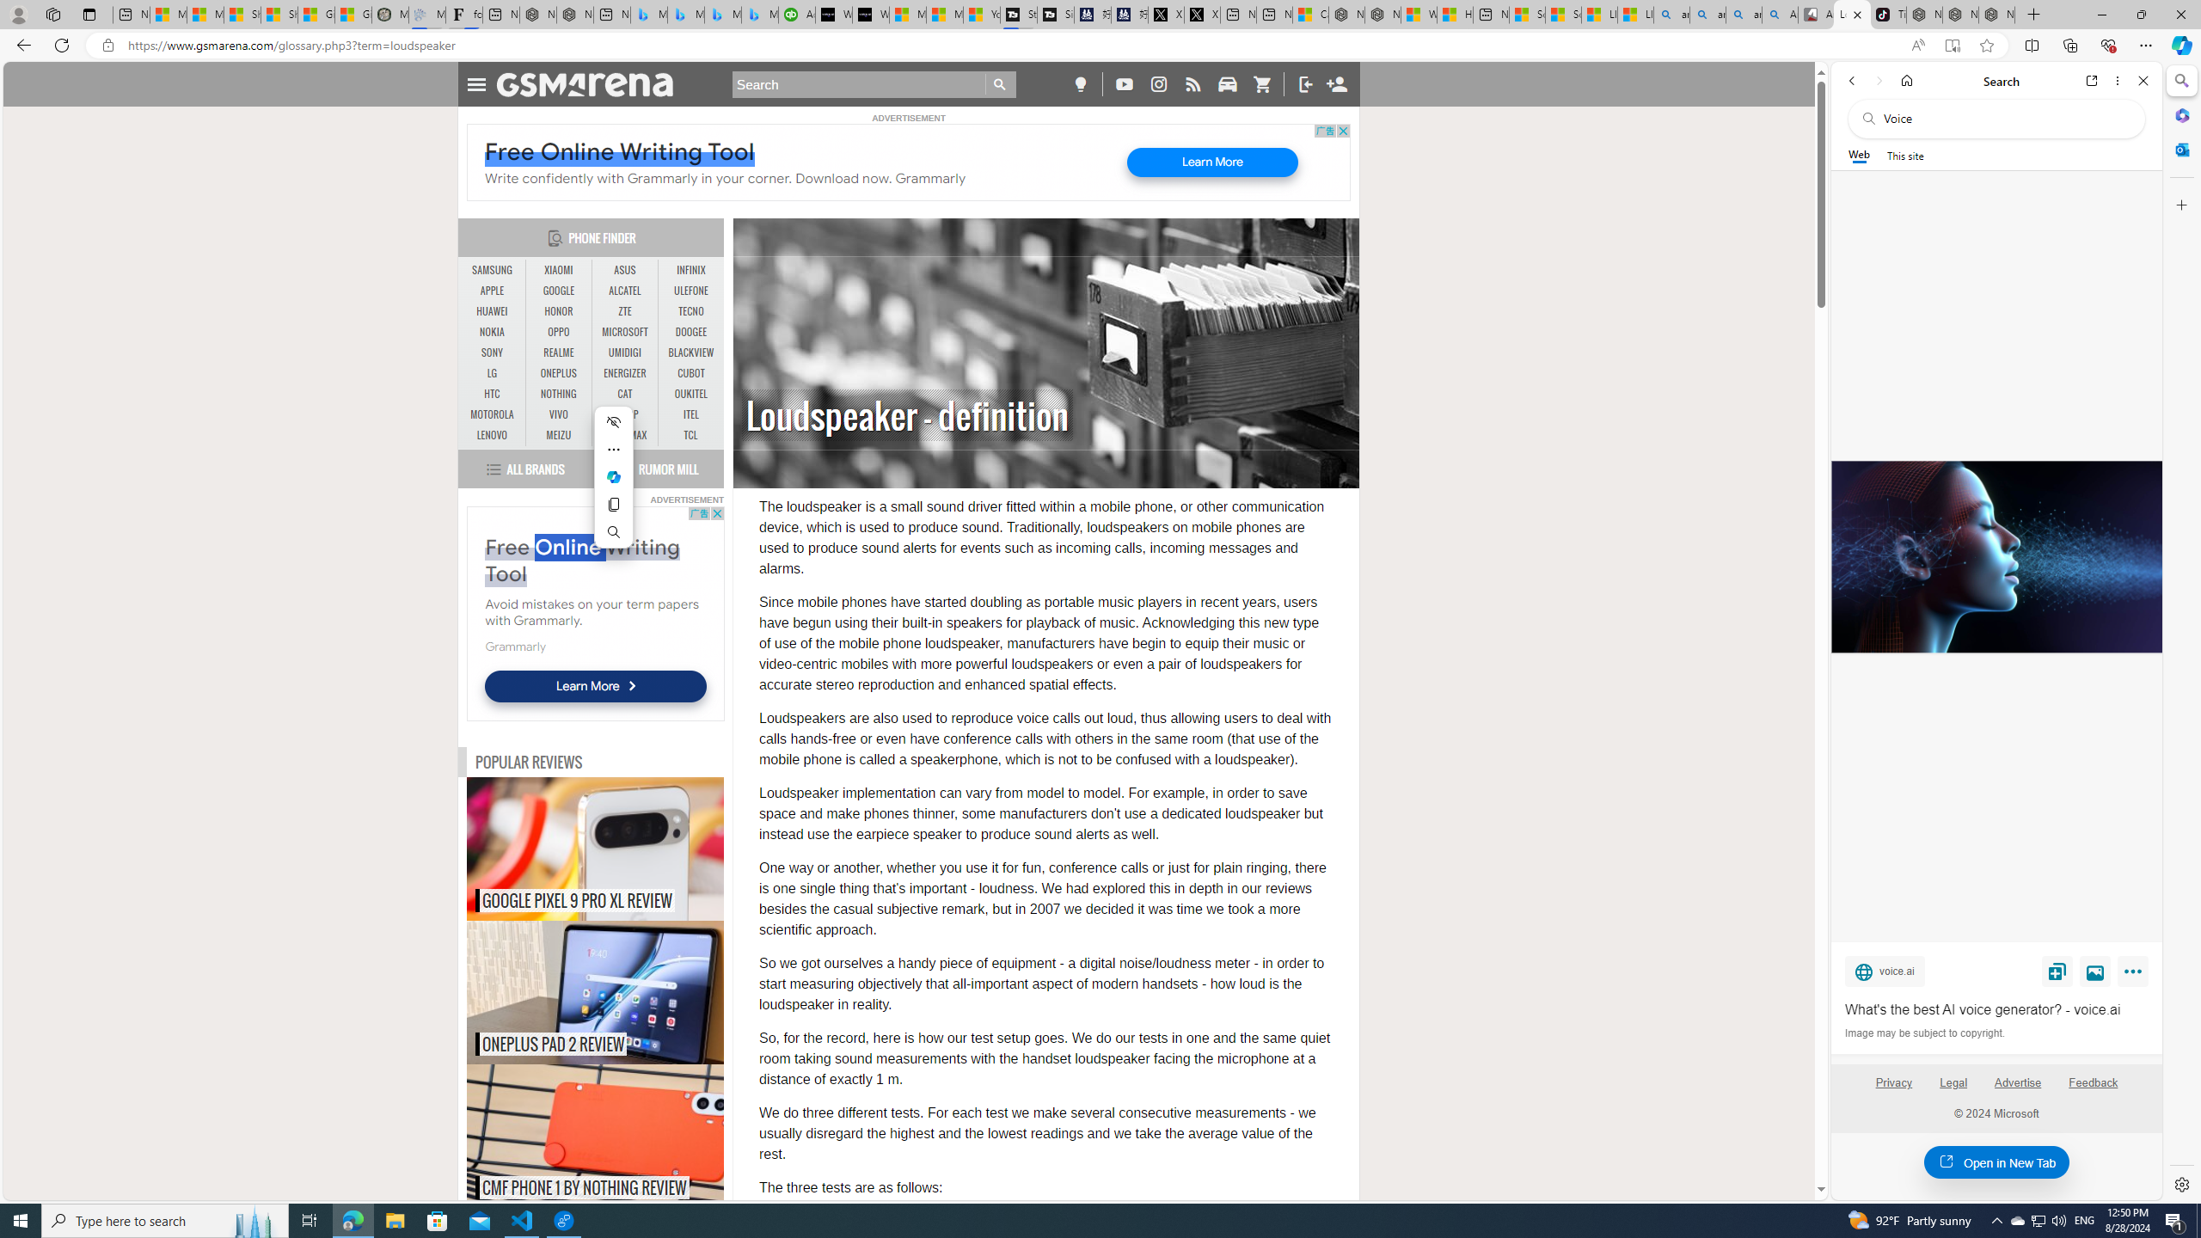 The image size is (2201, 1238). What do you see at coordinates (690, 290) in the screenshot?
I see `'ULEFONE'` at bounding box center [690, 290].